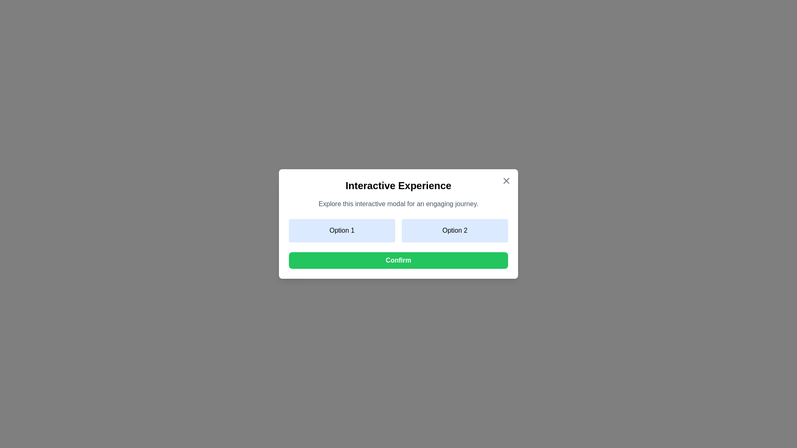  I want to click on the button labeled 'Option 2', which has a light blue background and is the second button in a horizontal layout, to indicate focus, so click(454, 230).